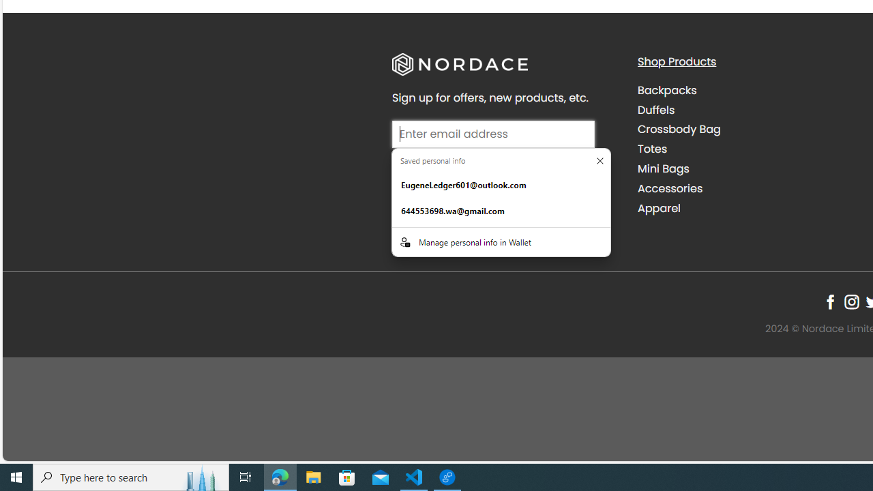 The height and width of the screenshot is (491, 873). What do you see at coordinates (829, 301) in the screenshot?
I see `'Follow on Facebook'` at bounding box center [829, 301].